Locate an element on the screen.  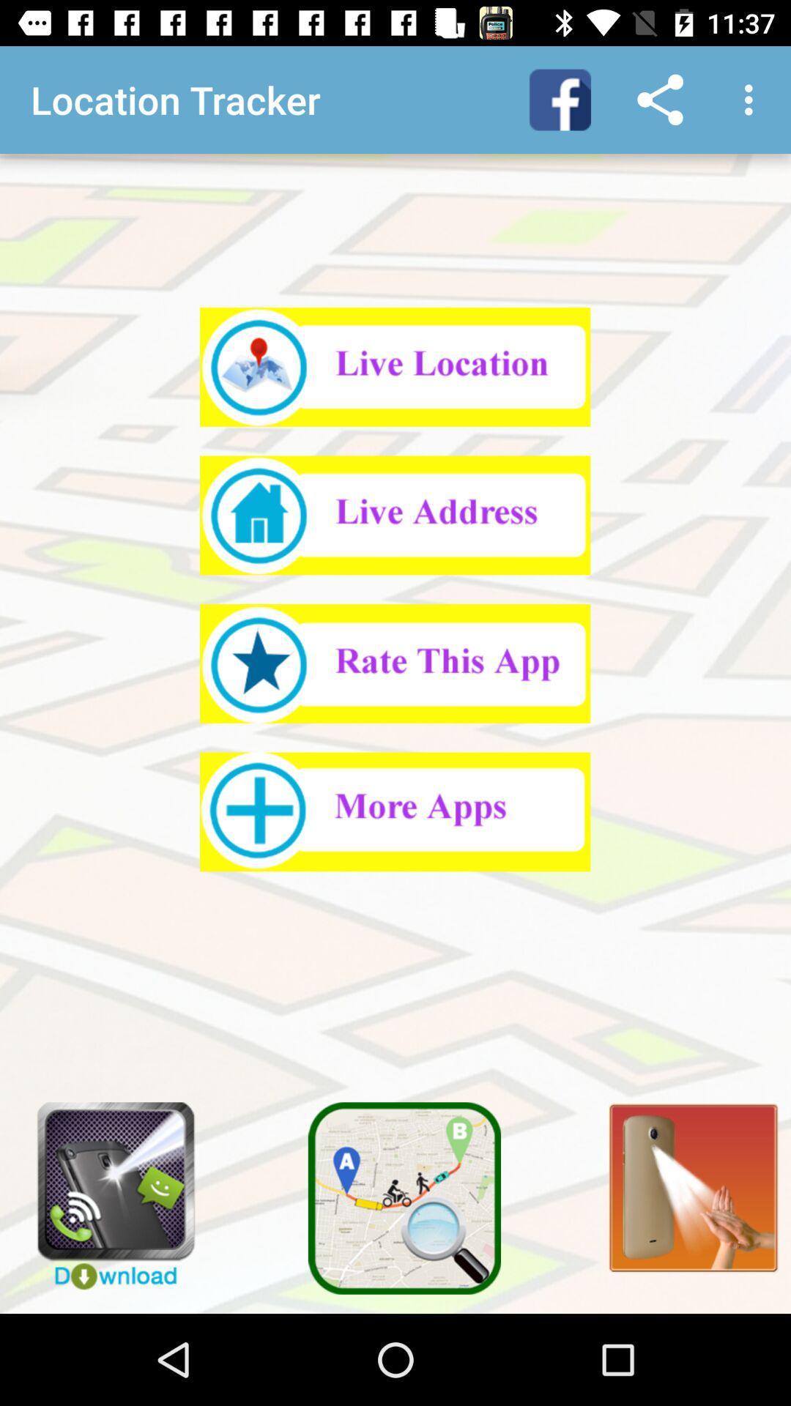
facebook is located at coordinates (560, 99).